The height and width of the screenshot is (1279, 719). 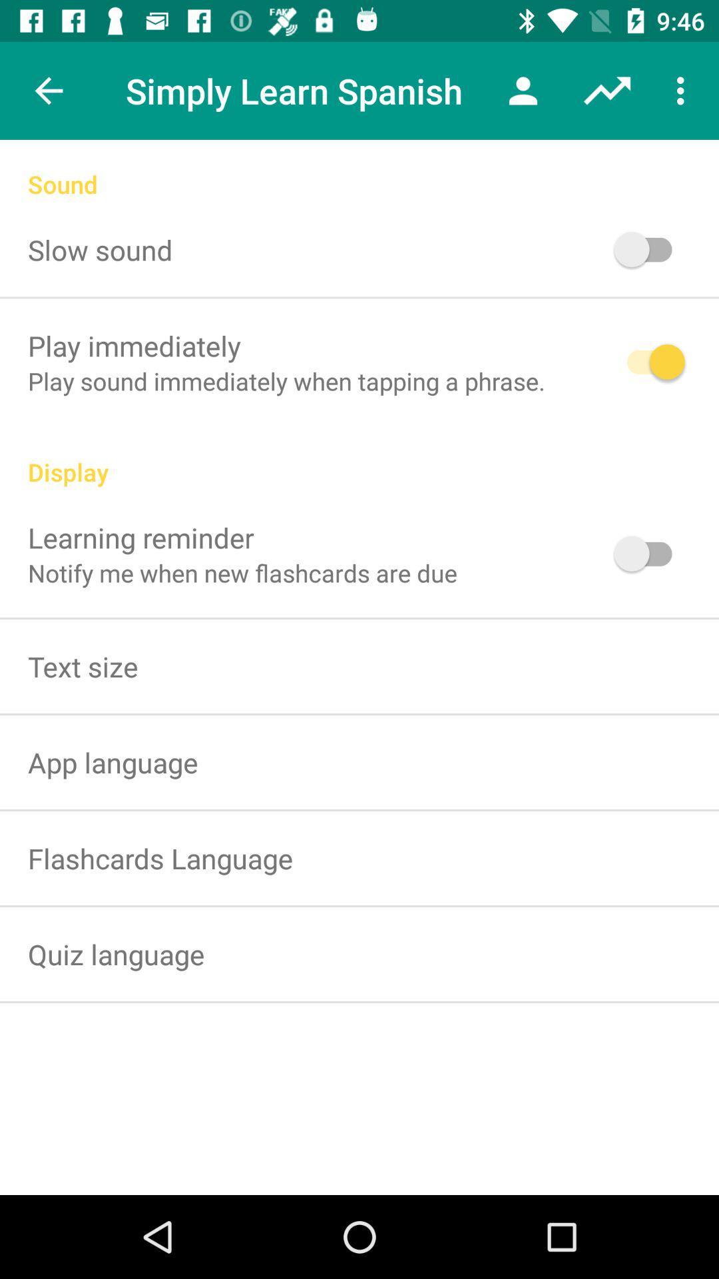 What do you see at coordinates (48, 90) in the screenshot?
I see `item to the left of the simply learn spanish` at bounding box center [48, 90].